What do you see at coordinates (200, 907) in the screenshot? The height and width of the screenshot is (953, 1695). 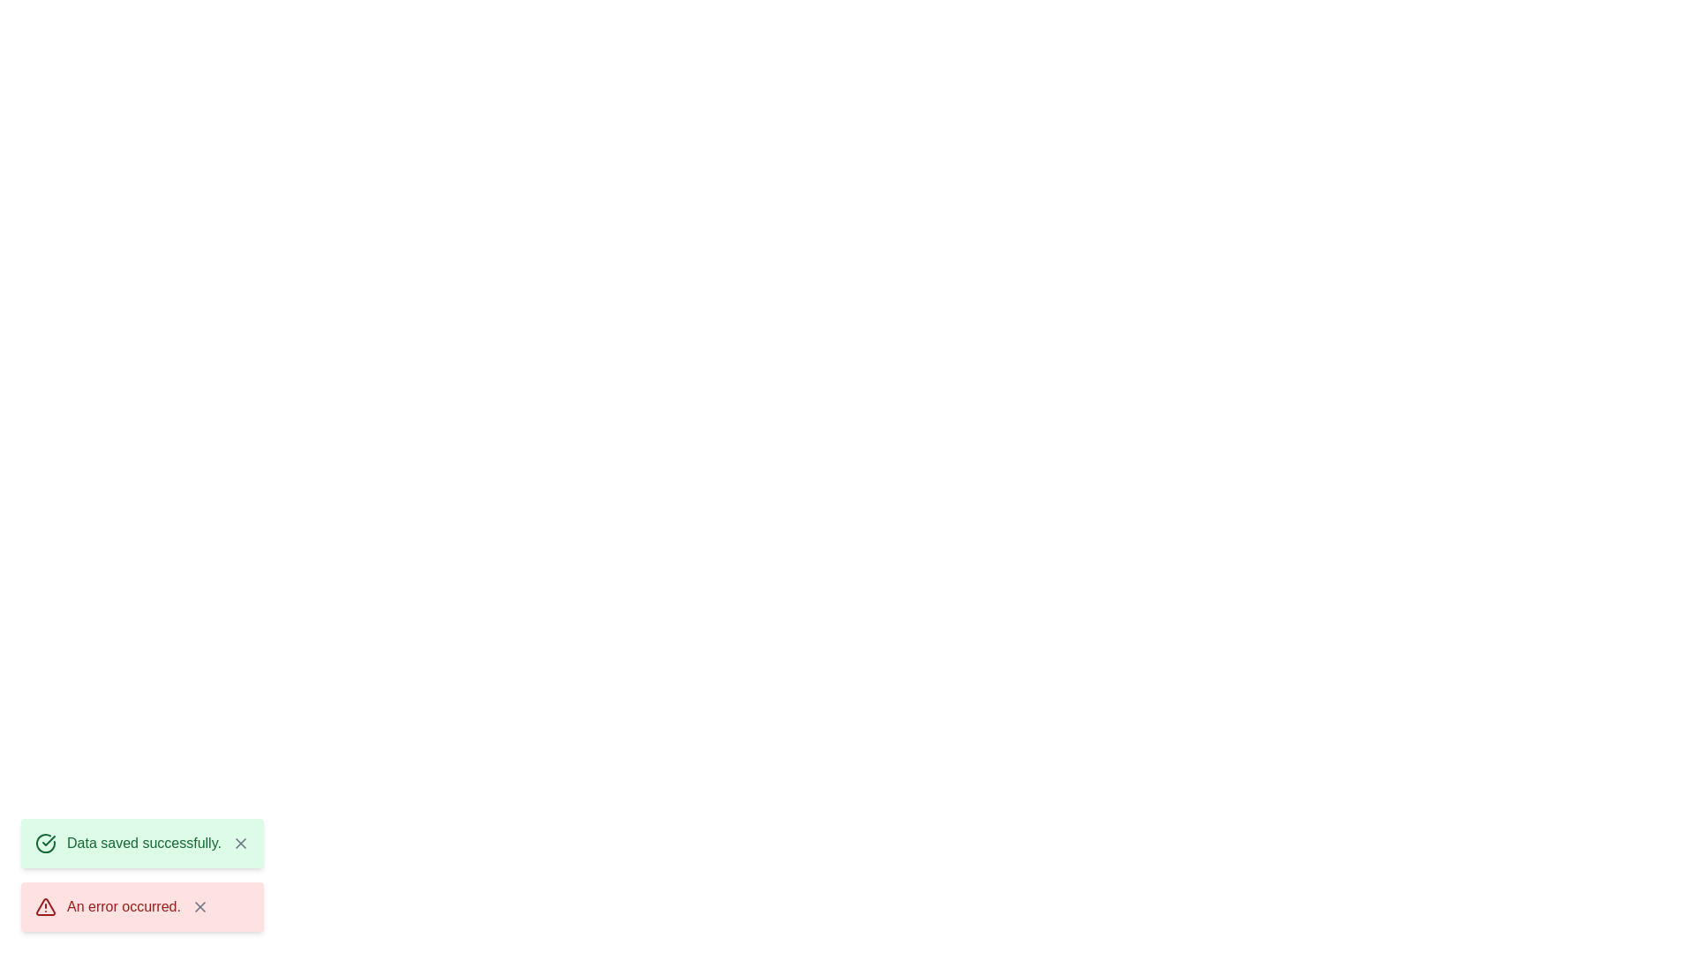 I see `the close button of the snackbar with message 'An error occurred.' to dismiss it` at bounding box center [200, 907].